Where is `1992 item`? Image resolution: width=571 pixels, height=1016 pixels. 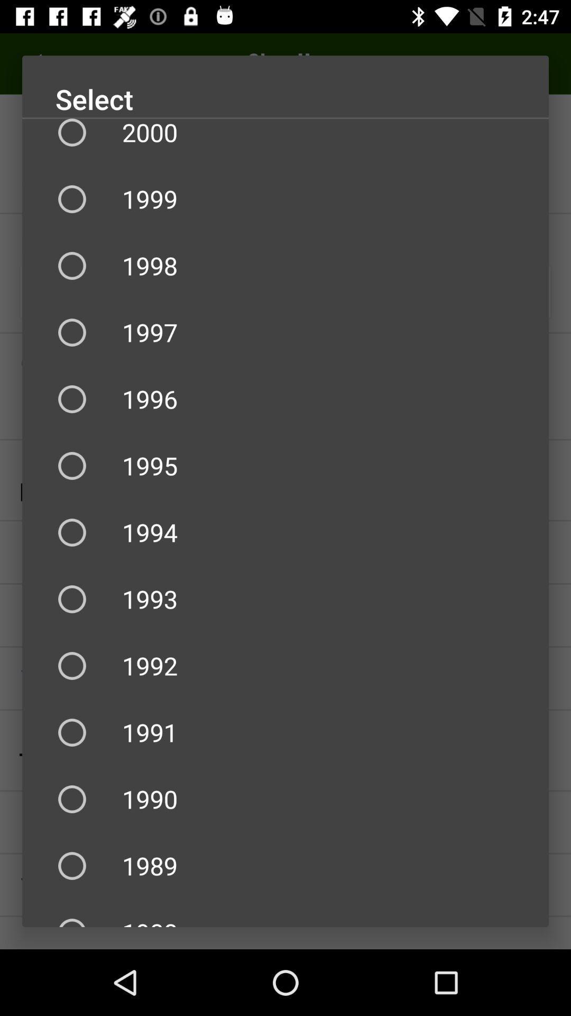
1992 item is located at coordinates (285, 665).